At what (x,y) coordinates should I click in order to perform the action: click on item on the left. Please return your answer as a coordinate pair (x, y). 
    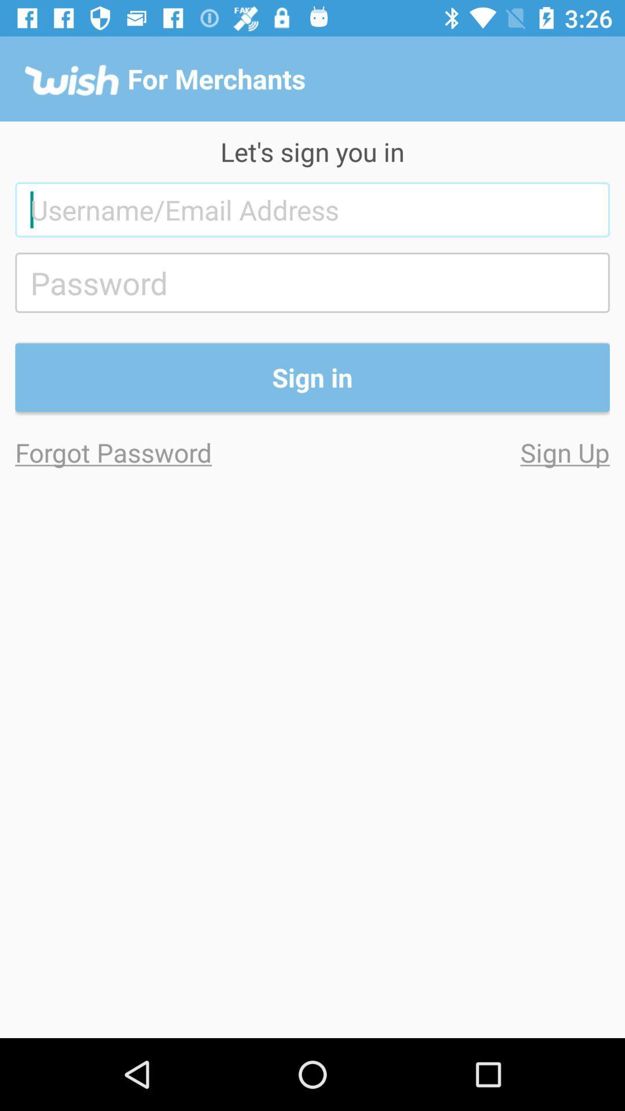
    Looking at the image, I should click on (164, 451).